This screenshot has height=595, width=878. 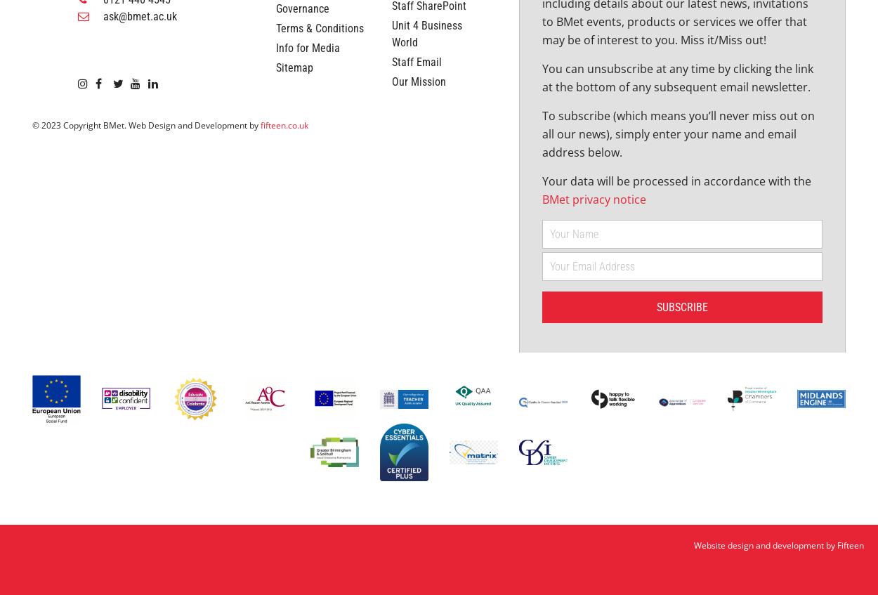 What do you see at coordinates (32, 227) in the screenshot?
I see `'© 2023 Copyright BMet. Web Design and Development by'` at bounding box center [32, 227].